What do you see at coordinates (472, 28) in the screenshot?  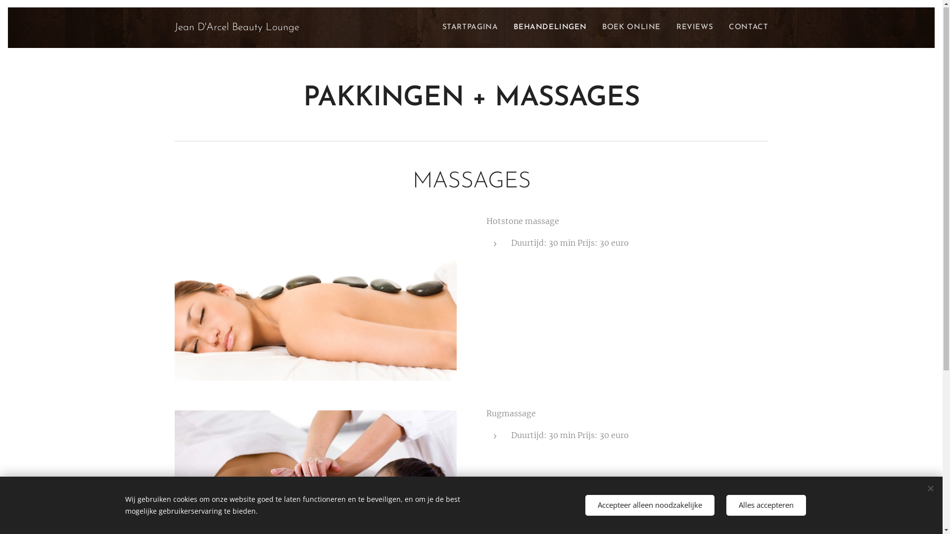 I see `'STARTPAGINA'` at bounding box center [472, 28].